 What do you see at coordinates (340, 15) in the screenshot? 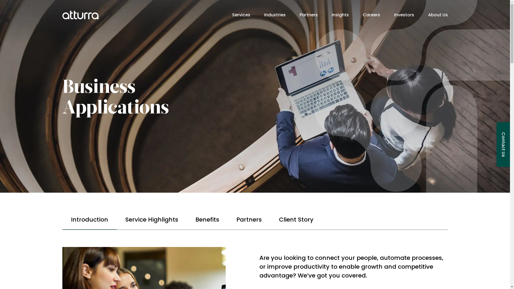
I see `'Insights'` at bounding box center [340, 15].